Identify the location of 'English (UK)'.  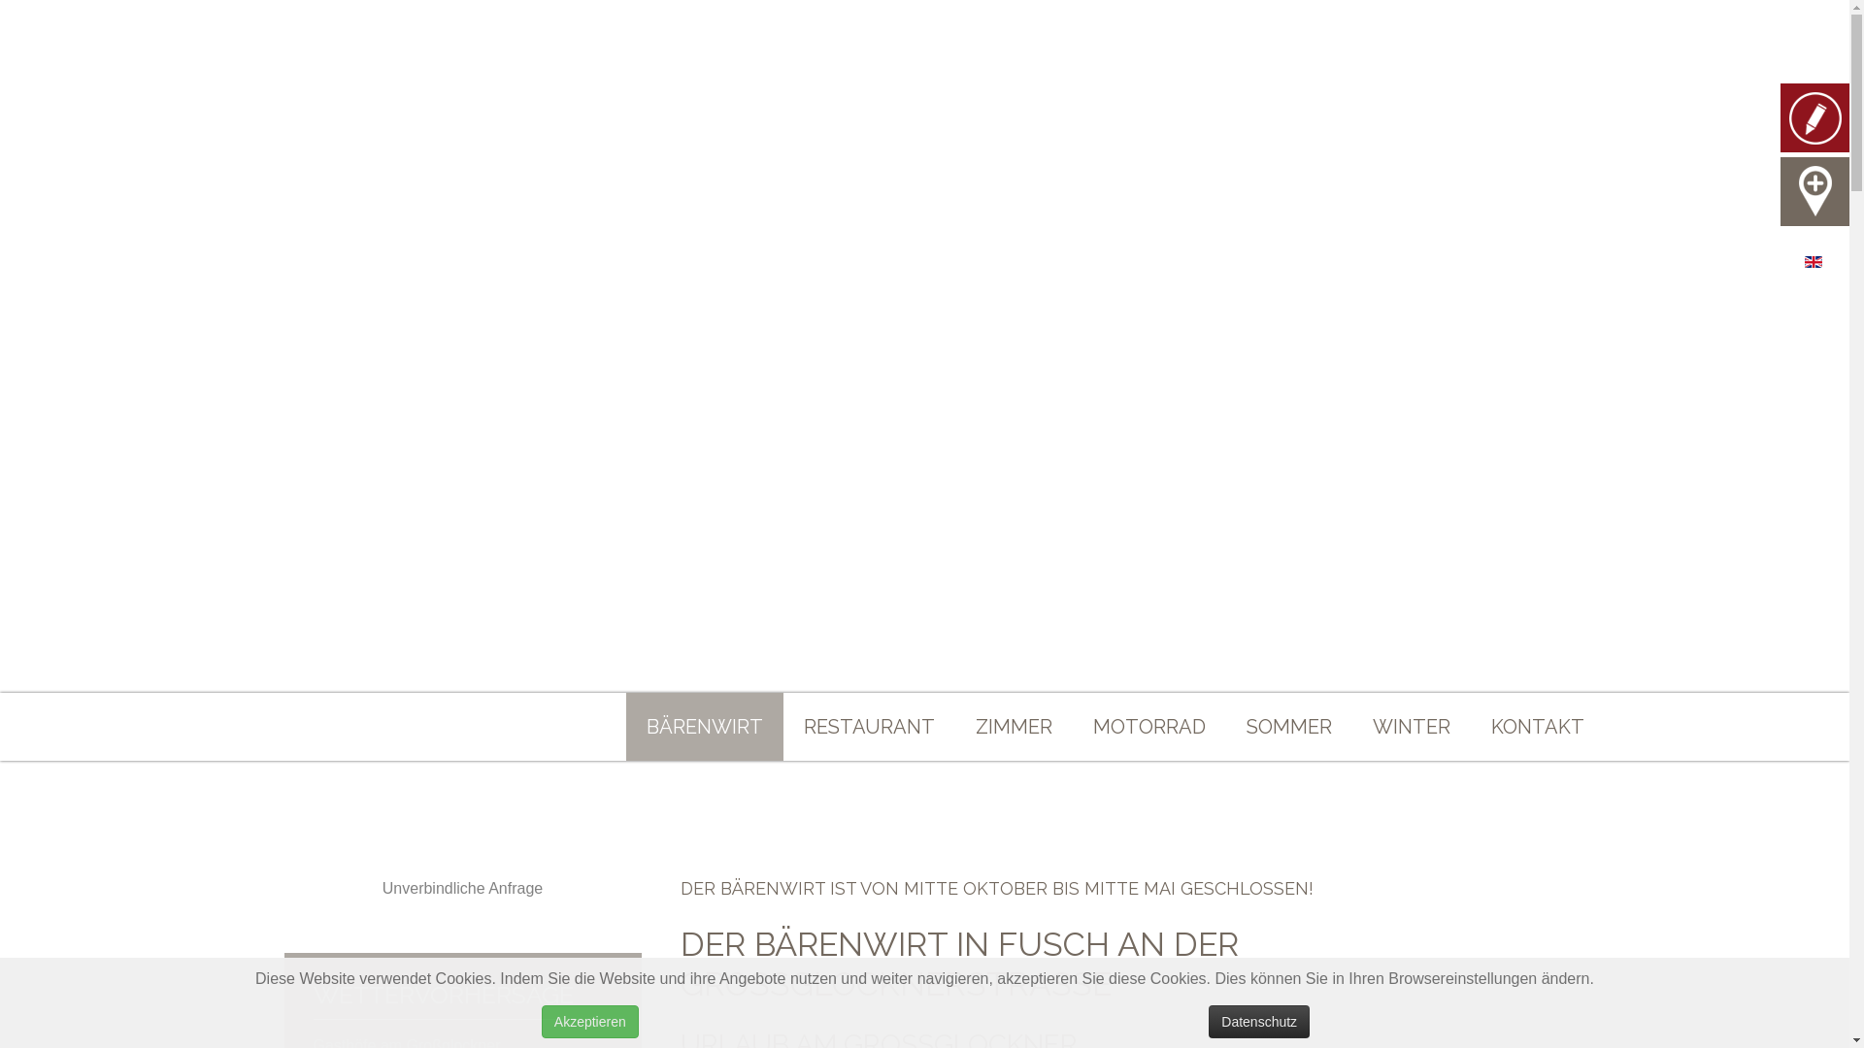
(1803, 262).